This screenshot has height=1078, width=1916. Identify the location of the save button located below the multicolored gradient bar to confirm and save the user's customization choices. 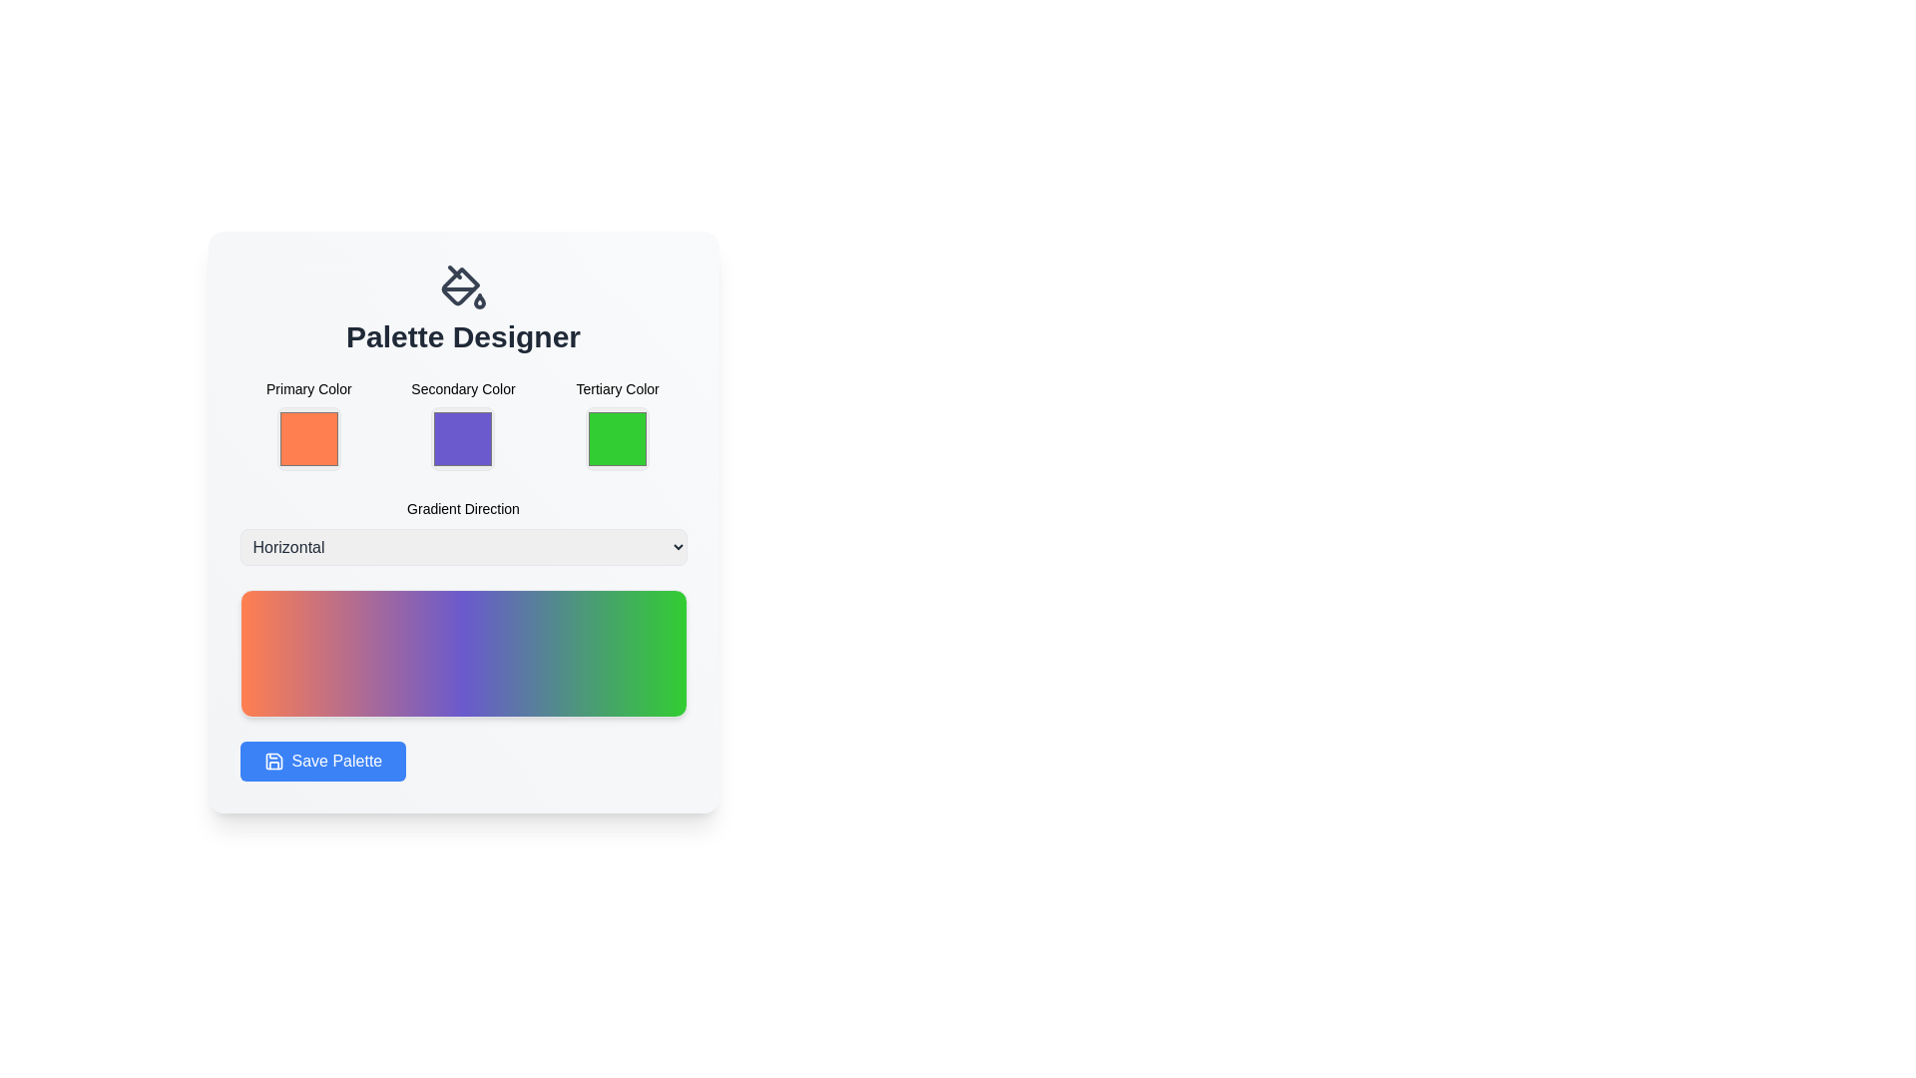
(322, 762).